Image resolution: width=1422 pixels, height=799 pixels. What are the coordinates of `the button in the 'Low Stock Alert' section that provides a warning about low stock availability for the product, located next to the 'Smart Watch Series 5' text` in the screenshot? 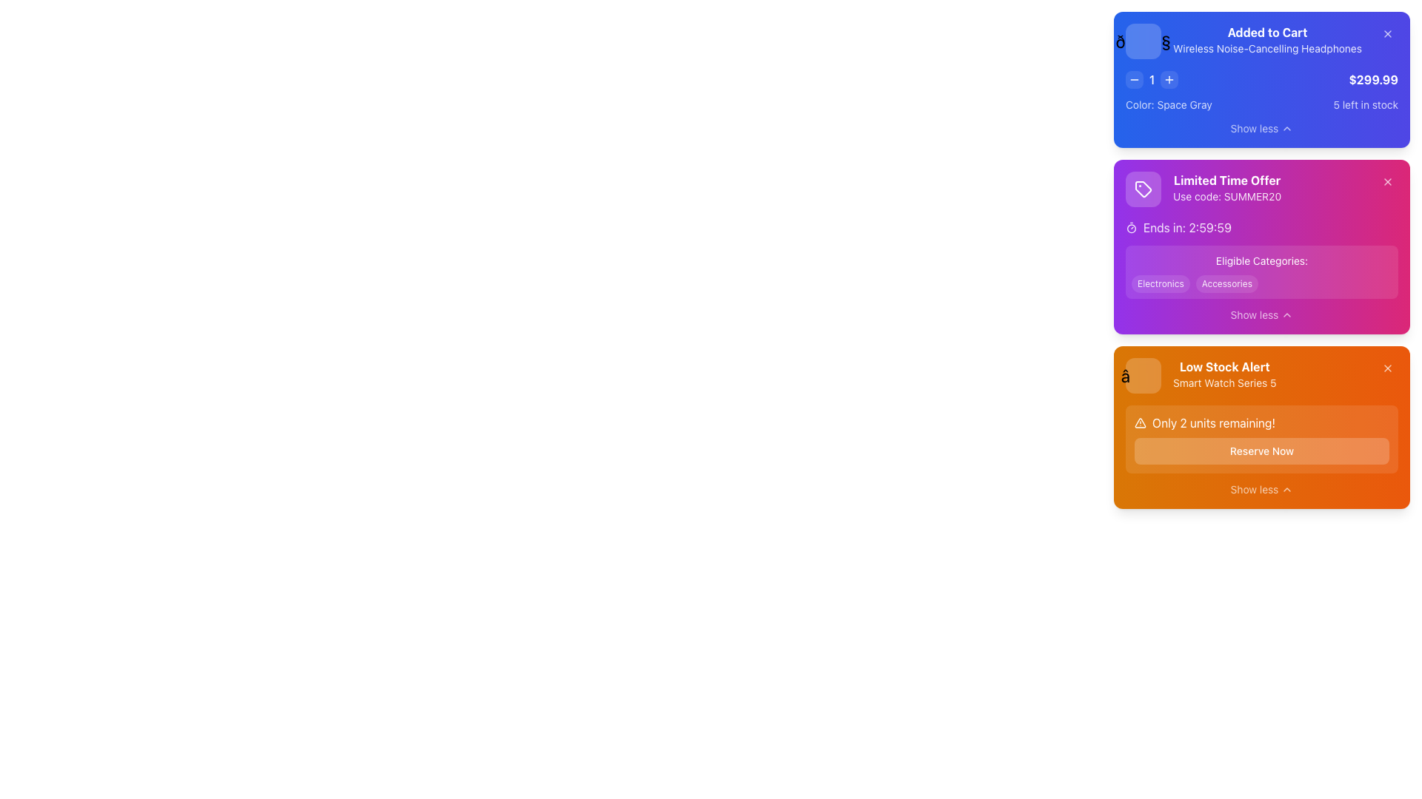 It's located at (1261, 439).